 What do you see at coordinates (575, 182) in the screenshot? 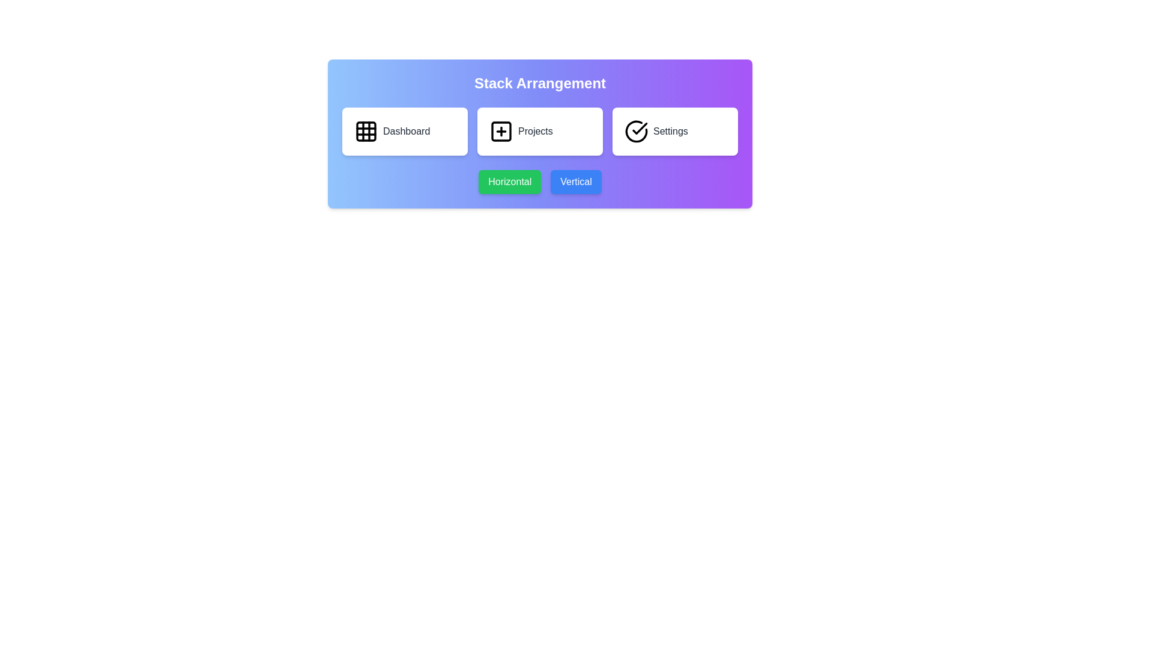
I see `the 'Vertical' button, which is a rectangular button with a blue background and white text` at bounding box center [575, 182].